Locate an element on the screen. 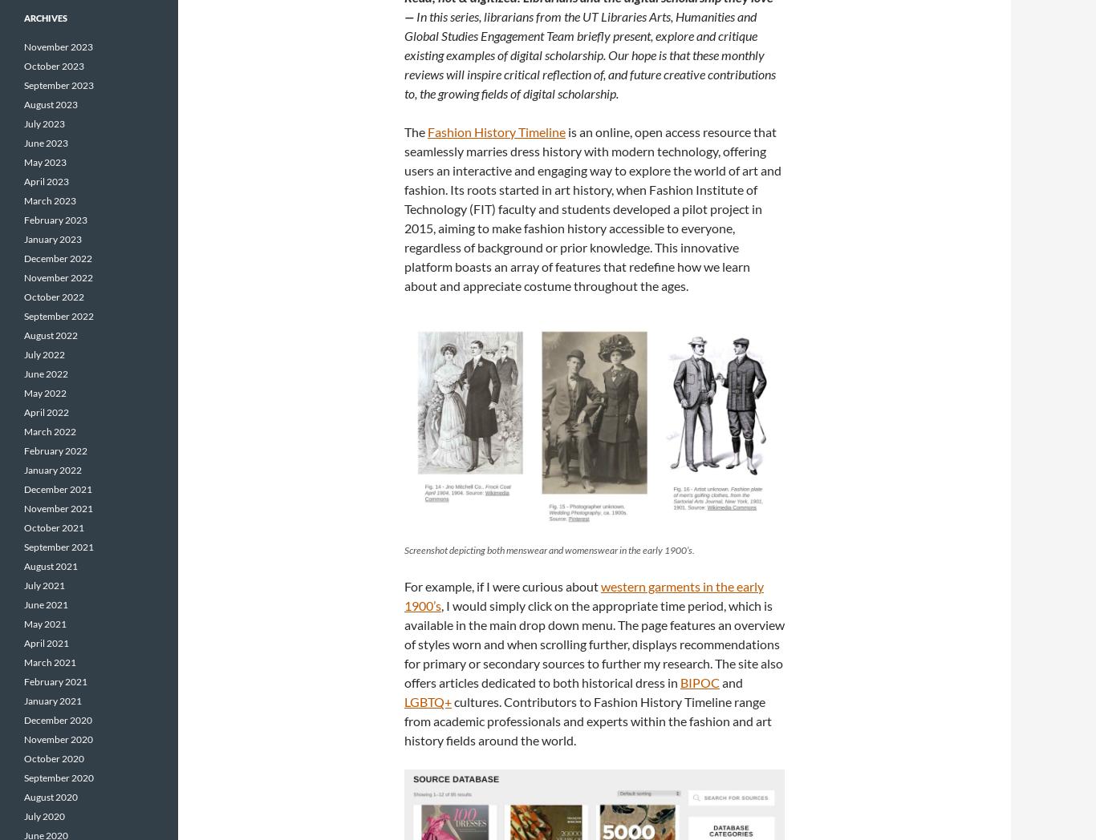  'April 2023' is located at coordinates (47, 181).